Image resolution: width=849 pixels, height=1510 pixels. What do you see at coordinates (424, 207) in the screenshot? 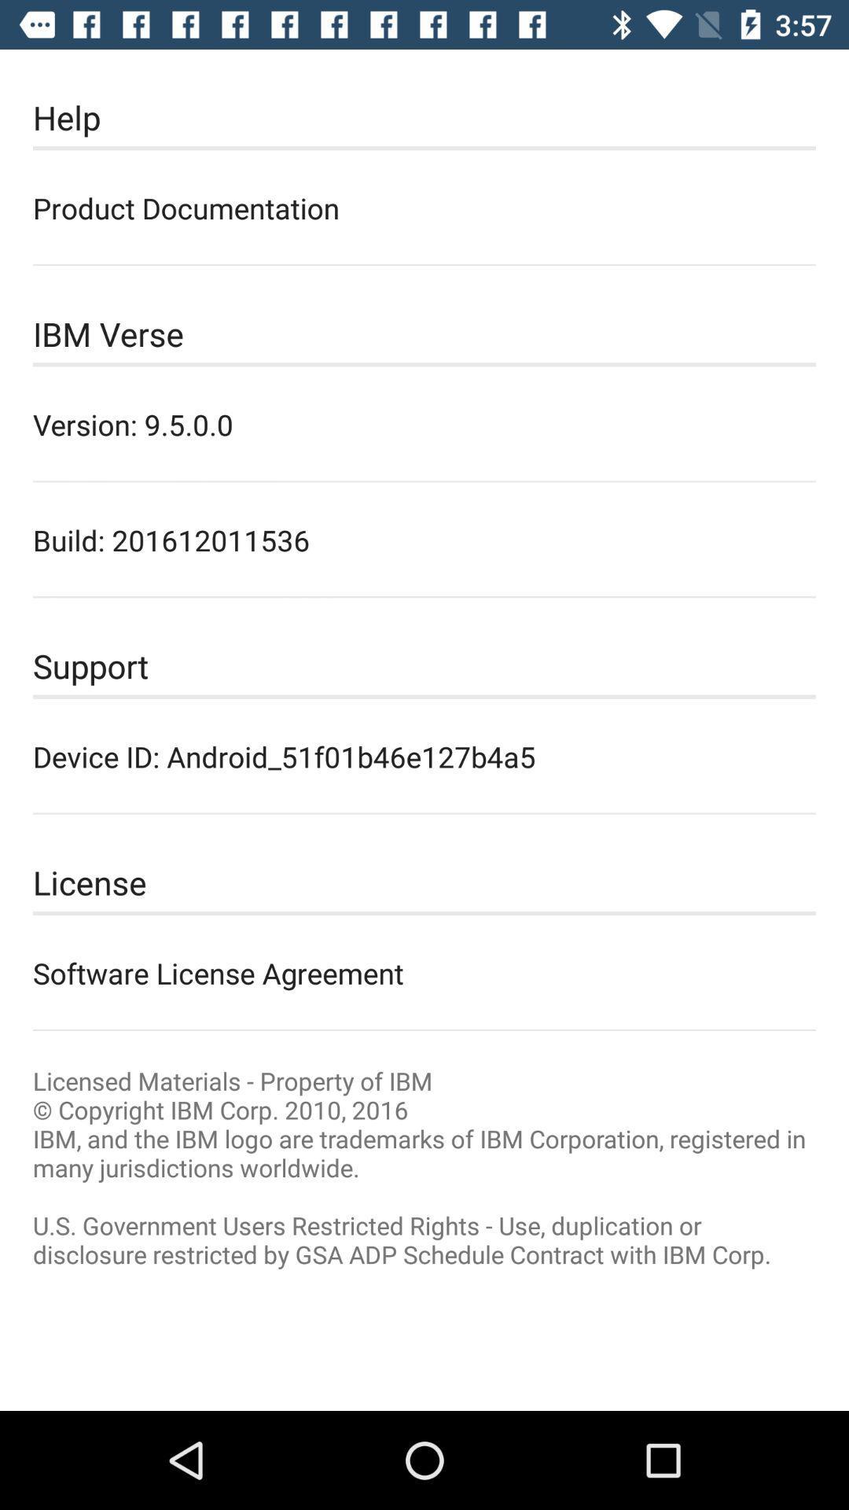
I see `the product documentation item` at bounding box center [424, 207].